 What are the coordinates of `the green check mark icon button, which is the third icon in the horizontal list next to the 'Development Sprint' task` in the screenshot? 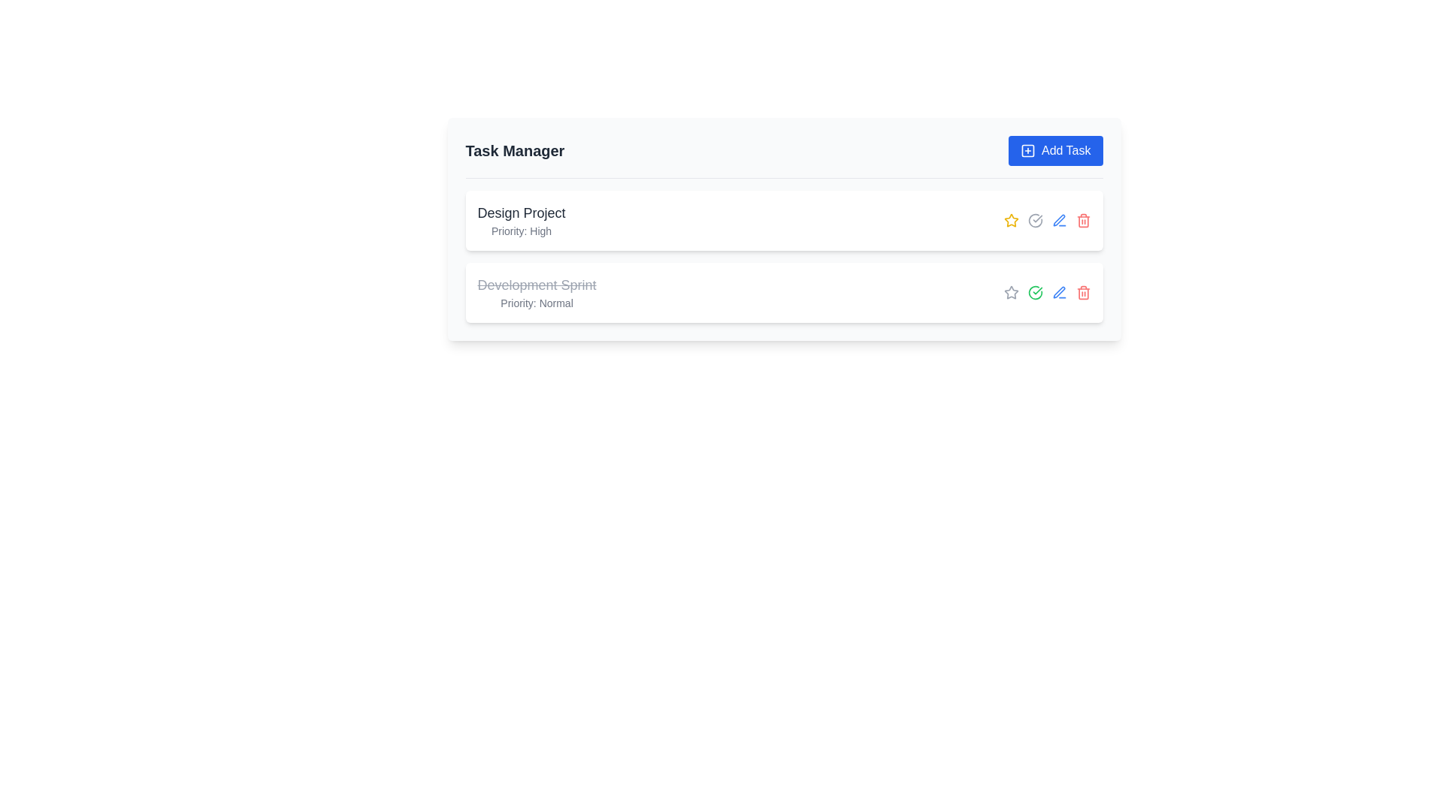 It's located at (1034, 292).